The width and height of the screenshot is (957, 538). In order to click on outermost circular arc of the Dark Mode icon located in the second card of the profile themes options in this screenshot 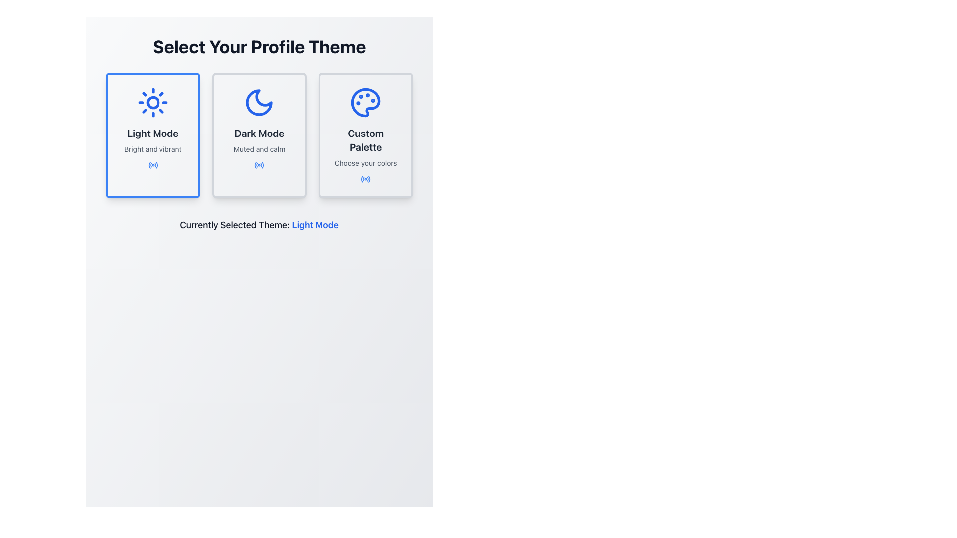, I will do `click(263, 164)`.